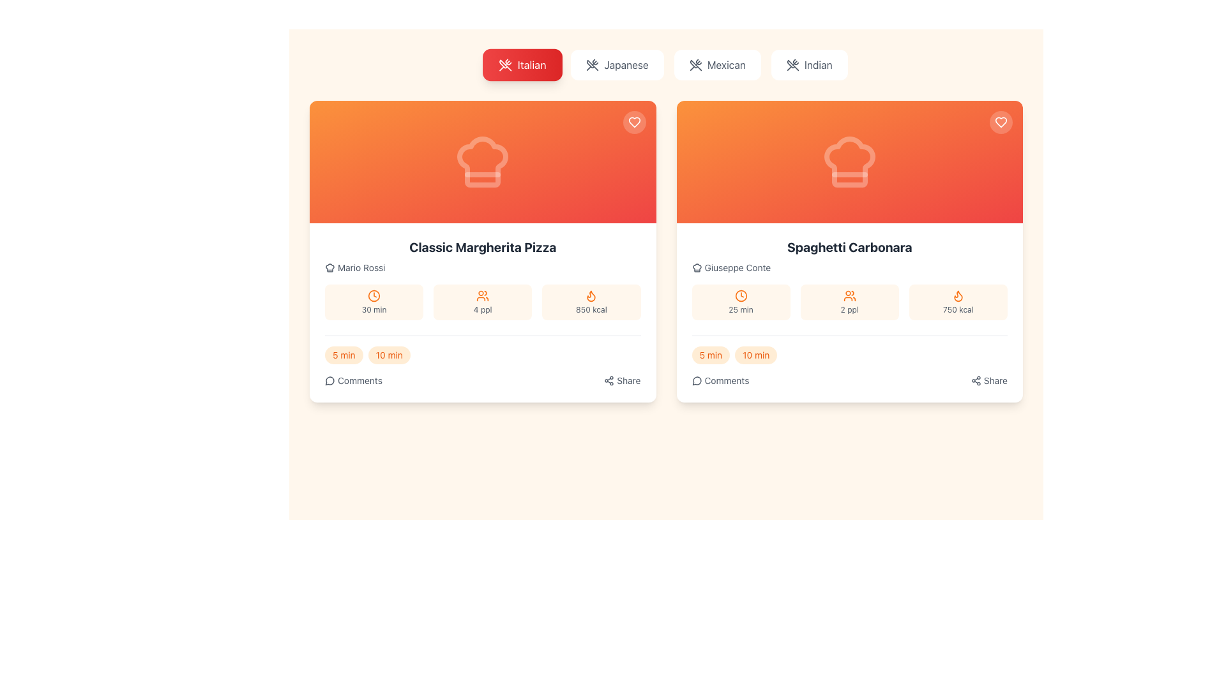  I want to click on the circular graphical component that is the outer circle of the clock icon on the 'Classic Margherita Pizza' card, which is outlined in orange and represents the estimated preparation time, so click(374, 295).